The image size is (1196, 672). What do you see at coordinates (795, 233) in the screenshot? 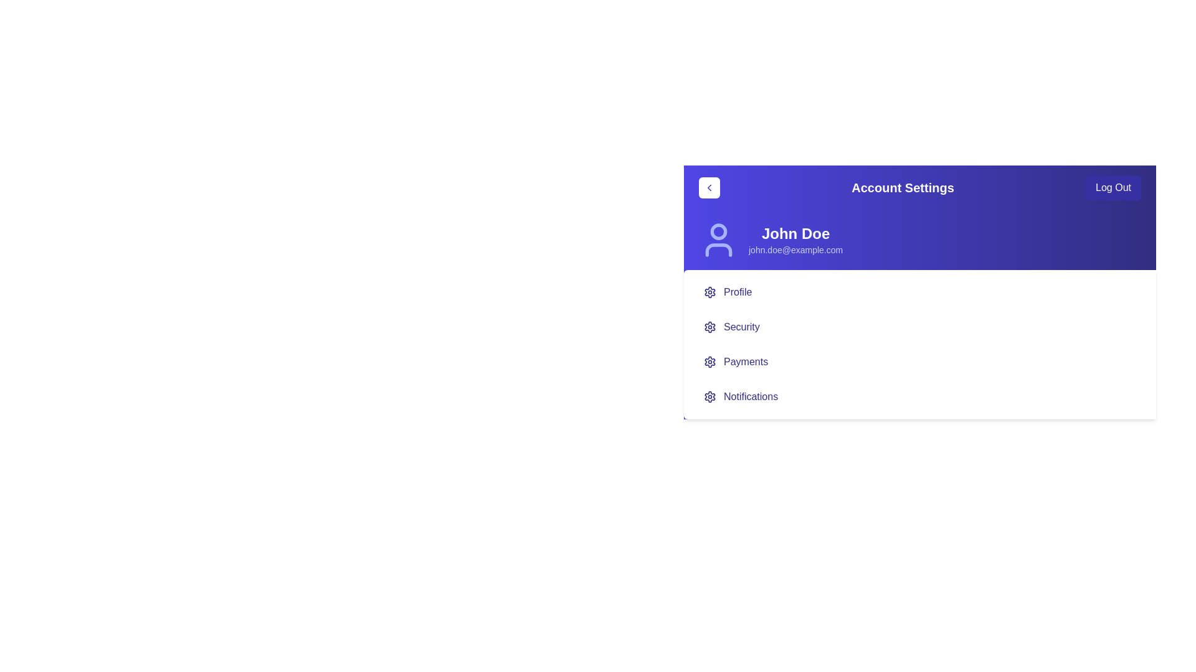
I see `the text label displaying 'John Doe', which is a large, bold font element located above the email address in the account settings interface` at bounding box center [795, 233].